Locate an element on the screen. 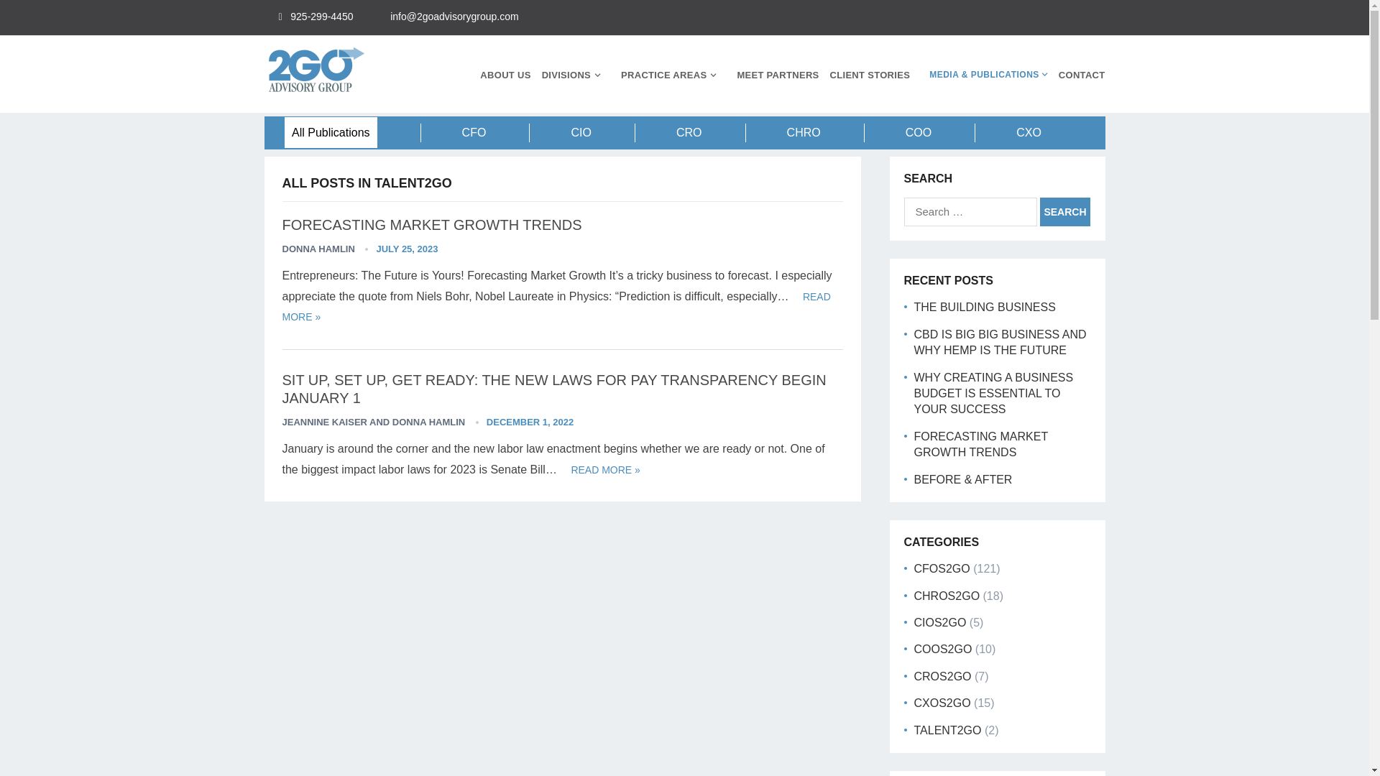 The width and height of the screenshot is (1380, 776). 'THE BUILDING BUSINESS' is located at coordinates (914, 306).